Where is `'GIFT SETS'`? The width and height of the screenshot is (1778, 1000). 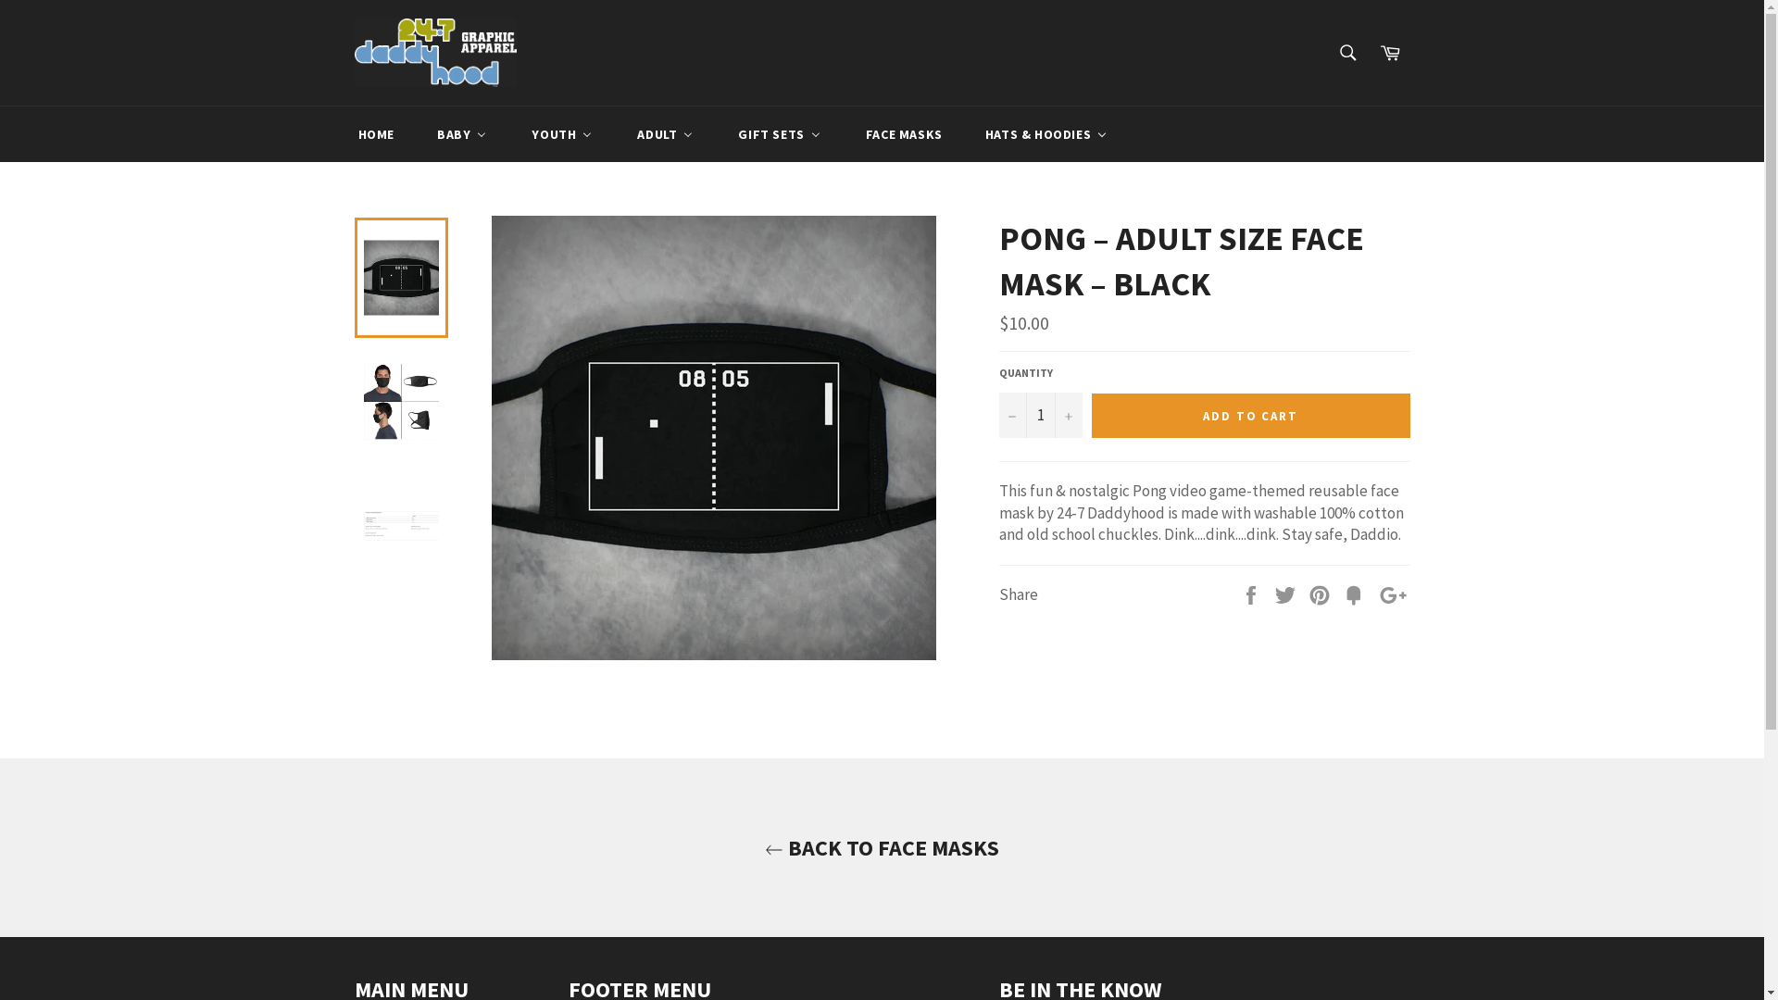
'GIFT SETS' is located at coordinates (779, 133).